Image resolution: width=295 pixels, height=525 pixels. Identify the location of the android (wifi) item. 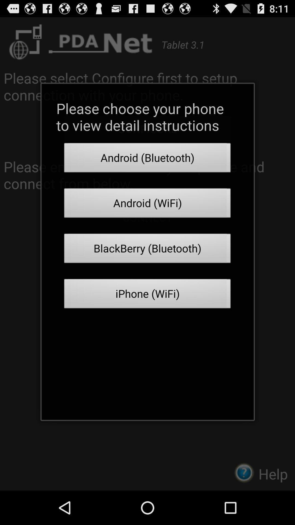
(147, 204).